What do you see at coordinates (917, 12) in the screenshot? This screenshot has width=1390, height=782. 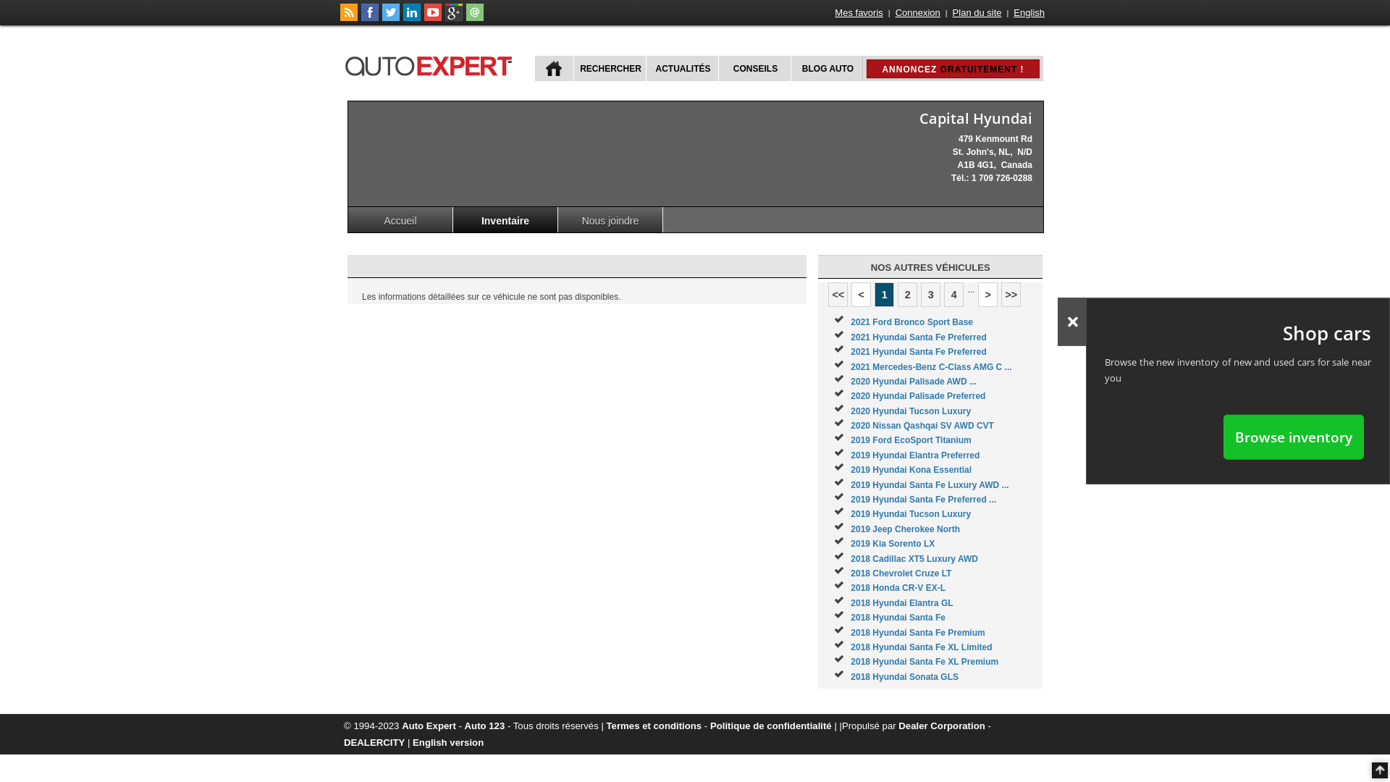 I see `'Connexion'` at bounding box center [917, 12].